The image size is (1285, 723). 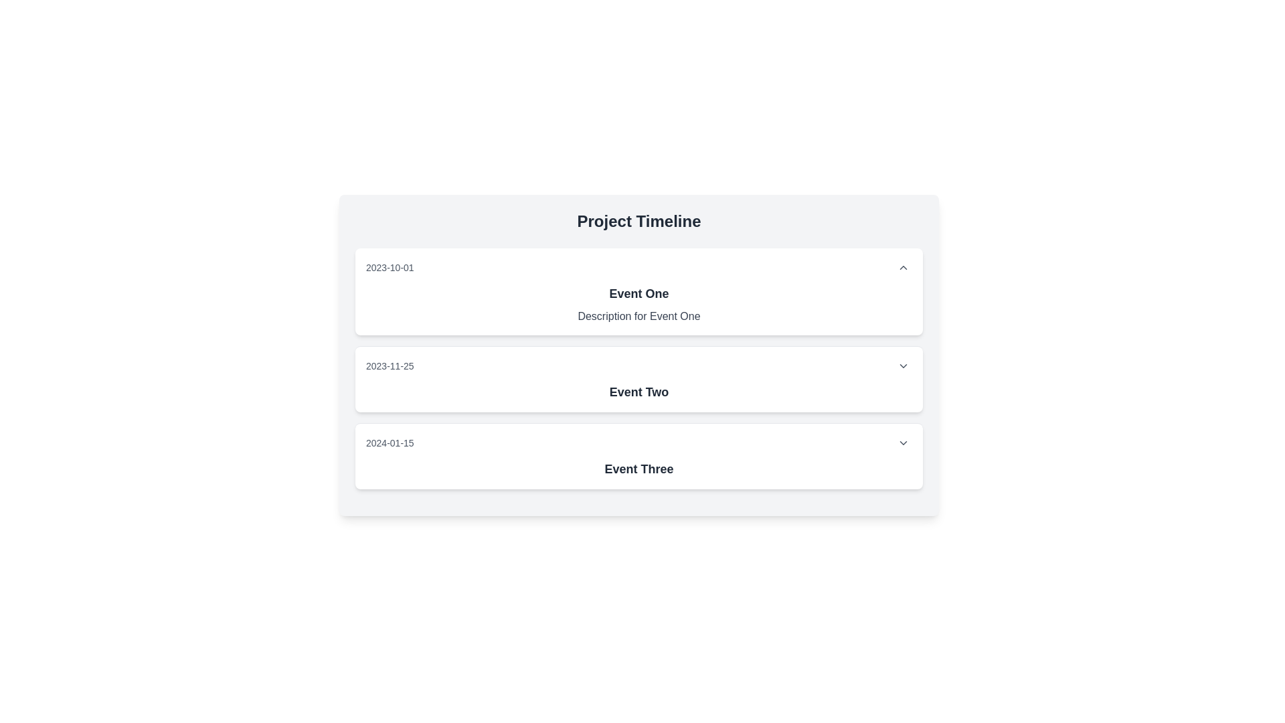 I want to click on the downward-facing chevron arrow icon located at the right edge of the 'Event Two' card, so click(x=903, y=366).